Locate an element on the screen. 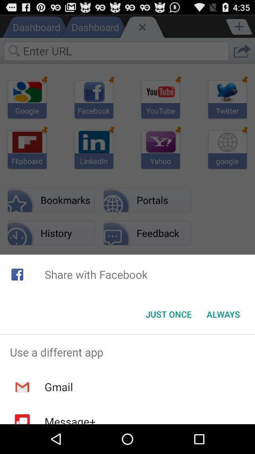 The image size is (255, 454). the app above message+ item is located at coordinates (59, 387).